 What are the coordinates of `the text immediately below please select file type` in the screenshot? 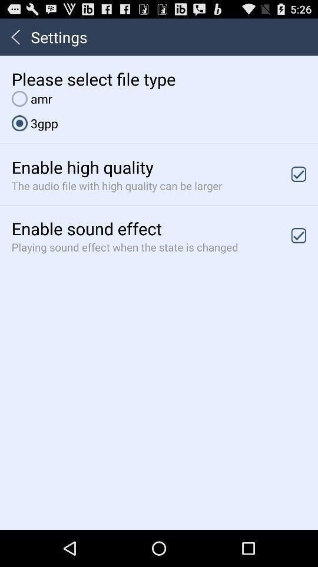 It's located at (32, 98).